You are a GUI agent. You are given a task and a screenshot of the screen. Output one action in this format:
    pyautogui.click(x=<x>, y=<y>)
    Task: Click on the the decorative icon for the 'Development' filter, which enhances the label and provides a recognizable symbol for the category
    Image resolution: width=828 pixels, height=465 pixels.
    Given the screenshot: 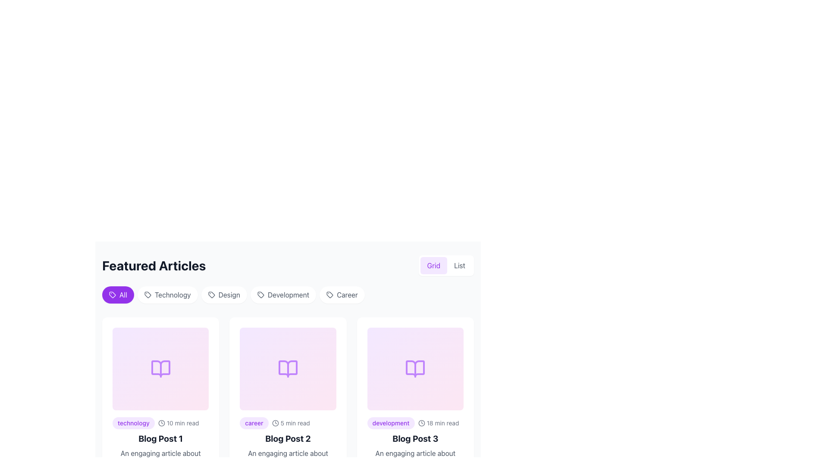 What is the action you would take?
    pyautogui.click(x=260, y=294)
    